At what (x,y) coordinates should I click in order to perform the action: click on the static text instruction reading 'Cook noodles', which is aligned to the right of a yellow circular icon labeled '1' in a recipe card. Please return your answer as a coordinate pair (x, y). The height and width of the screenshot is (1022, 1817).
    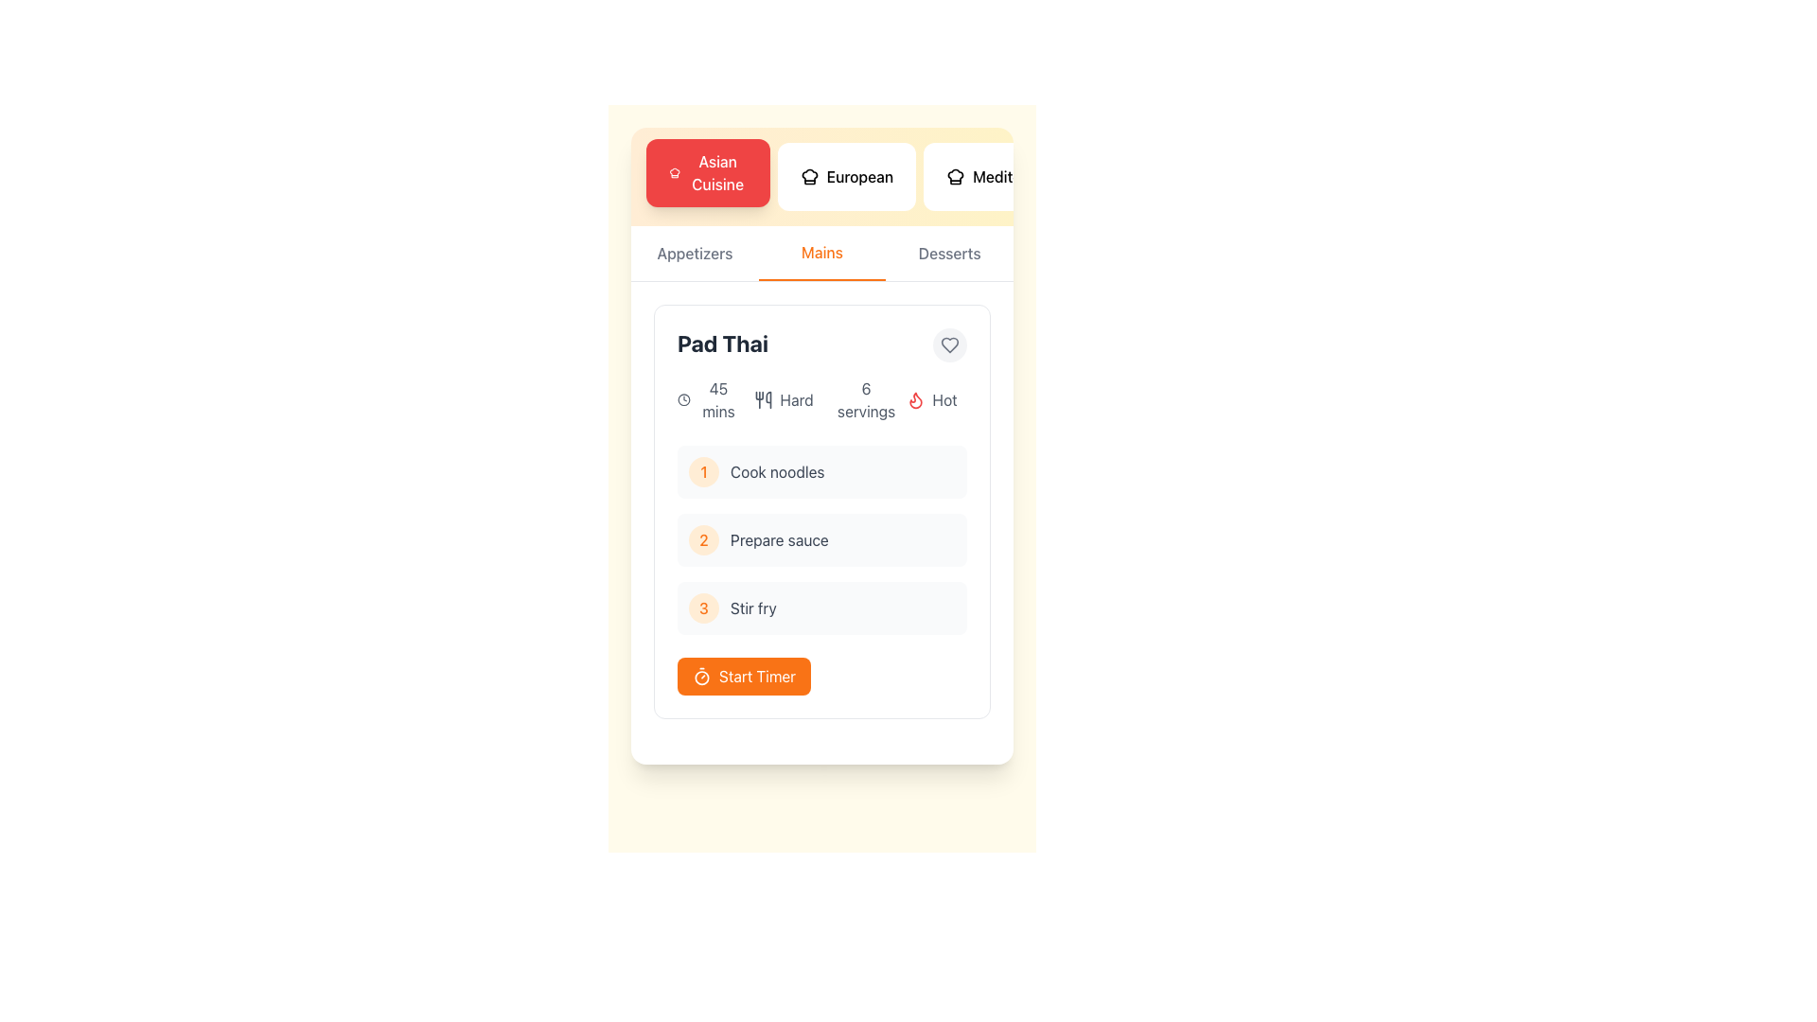
    Looking at the image, I should click on (777, 470).